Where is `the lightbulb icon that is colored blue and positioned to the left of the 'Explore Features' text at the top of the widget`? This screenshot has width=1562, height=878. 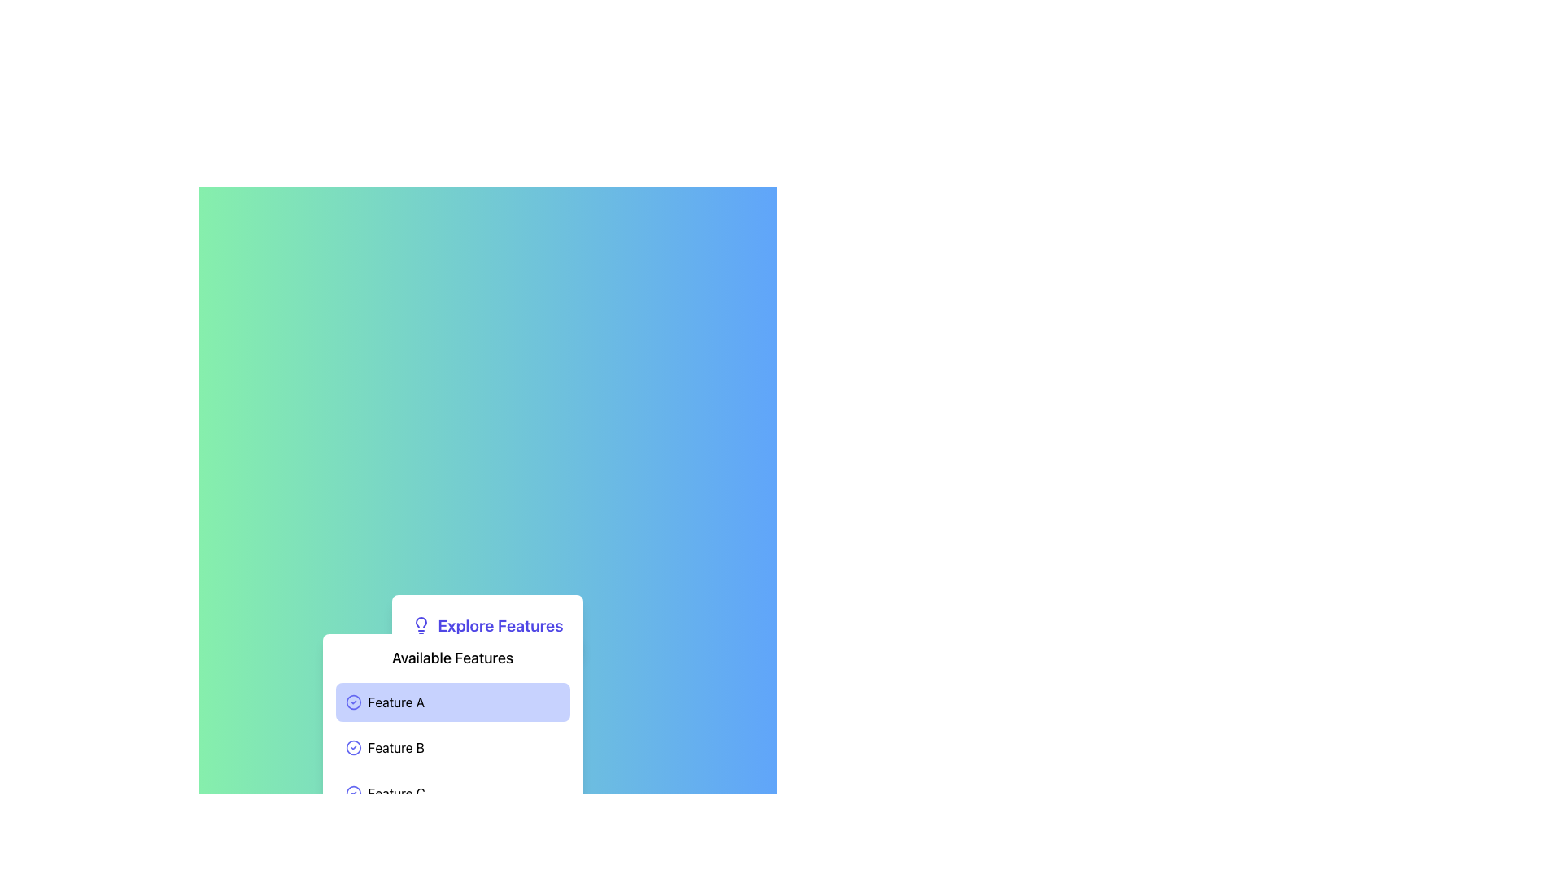
the lightbulb icon that is colored blue and positioned to the left of the 'Explore Features' text at the top of the widget is located at coordinates (421, 625).